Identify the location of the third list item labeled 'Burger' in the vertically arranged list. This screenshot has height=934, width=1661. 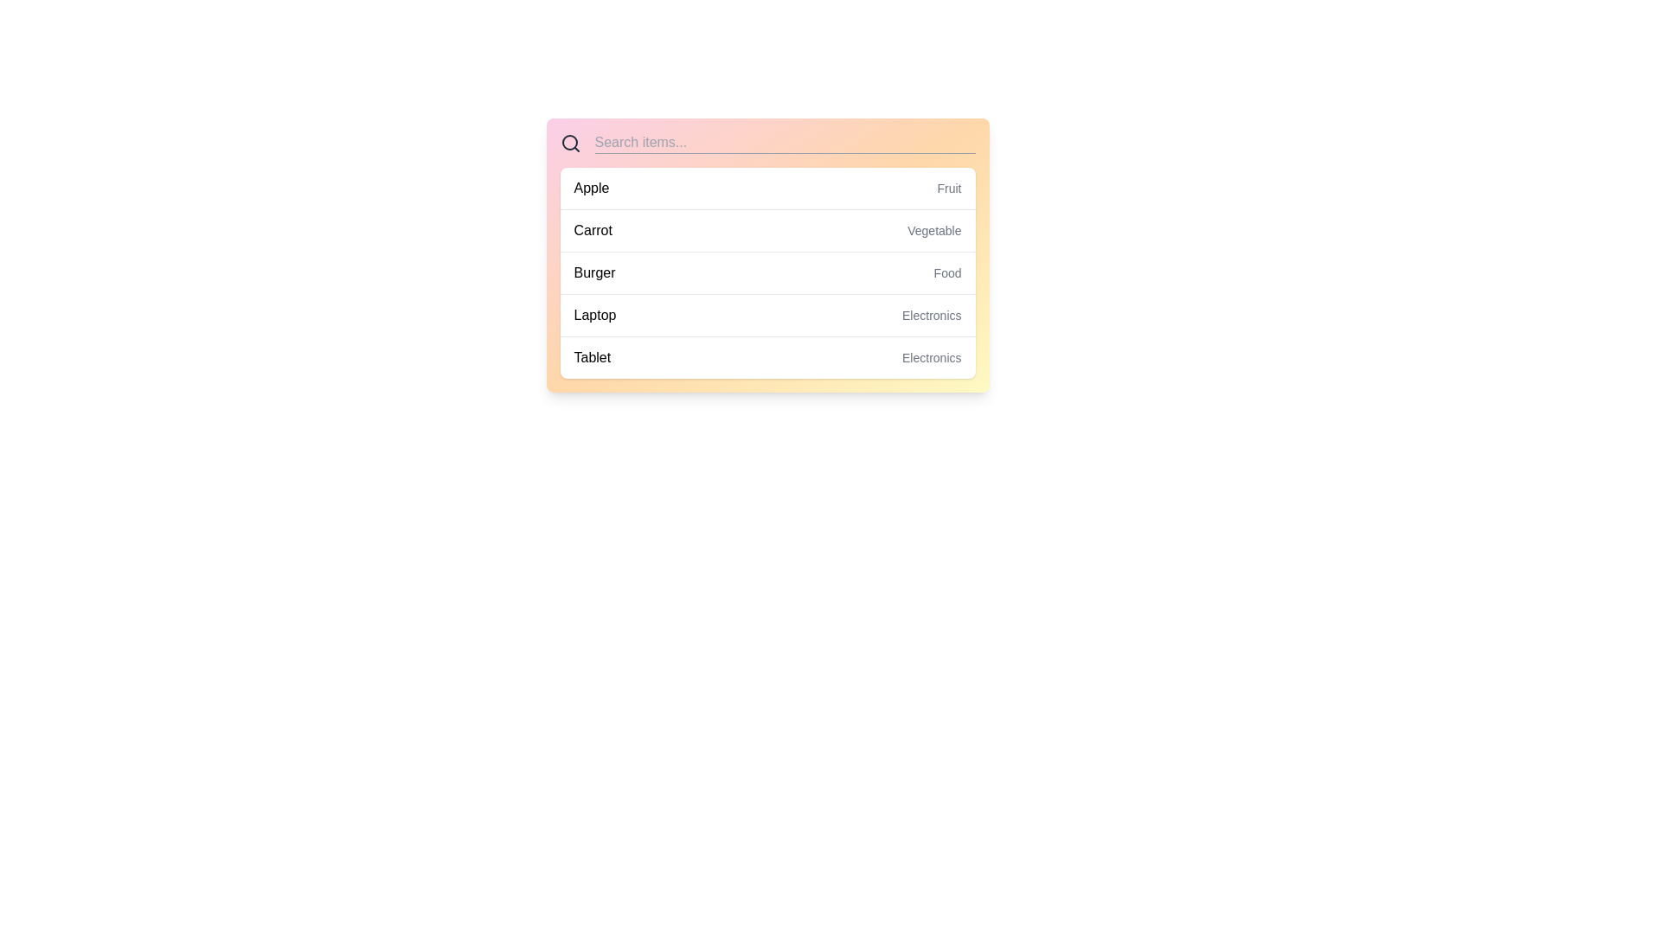
(766, 272).